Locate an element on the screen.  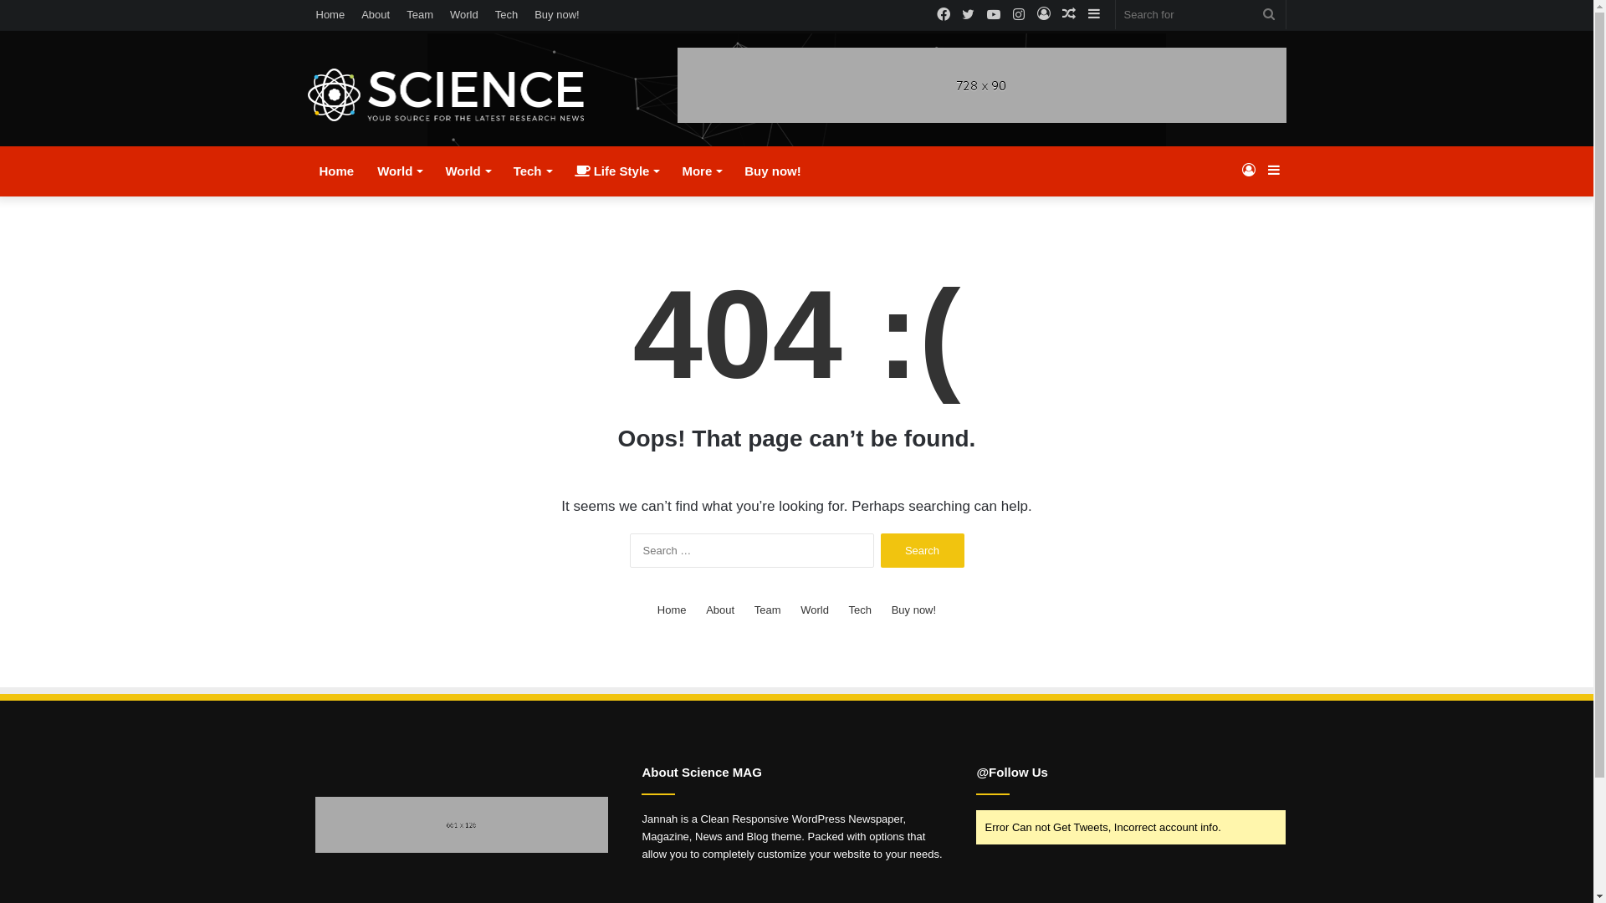
'More' is located at coordinates (670, 171).